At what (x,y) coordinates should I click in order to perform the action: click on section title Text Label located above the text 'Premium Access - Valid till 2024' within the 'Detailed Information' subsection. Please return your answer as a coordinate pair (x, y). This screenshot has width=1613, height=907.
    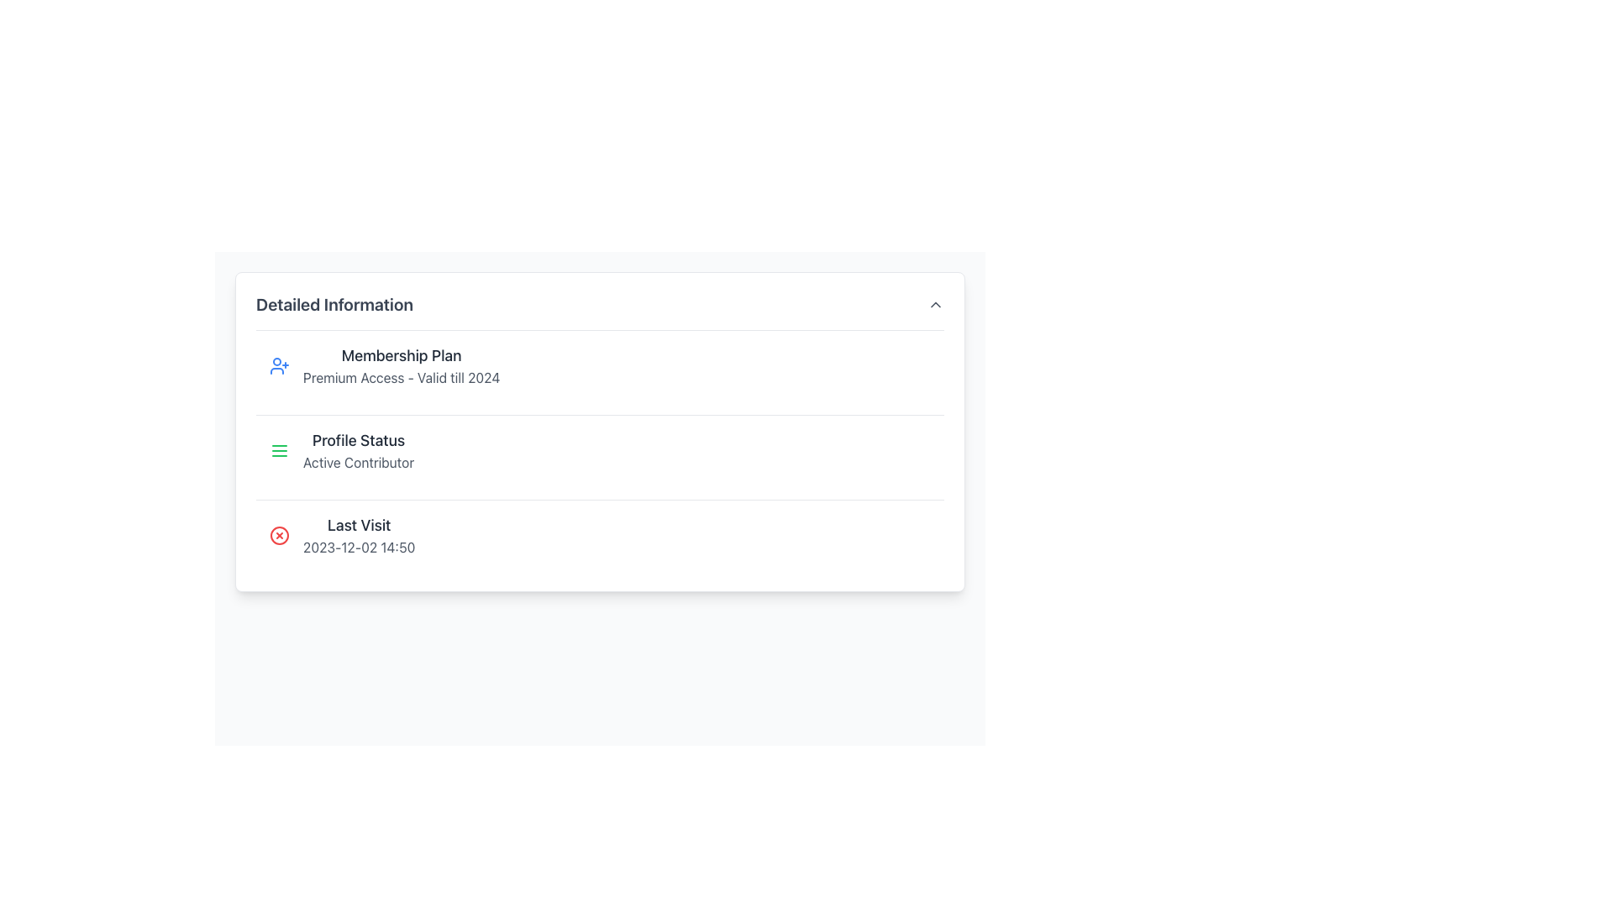
    Looking at the image, I should click on (401, 355).